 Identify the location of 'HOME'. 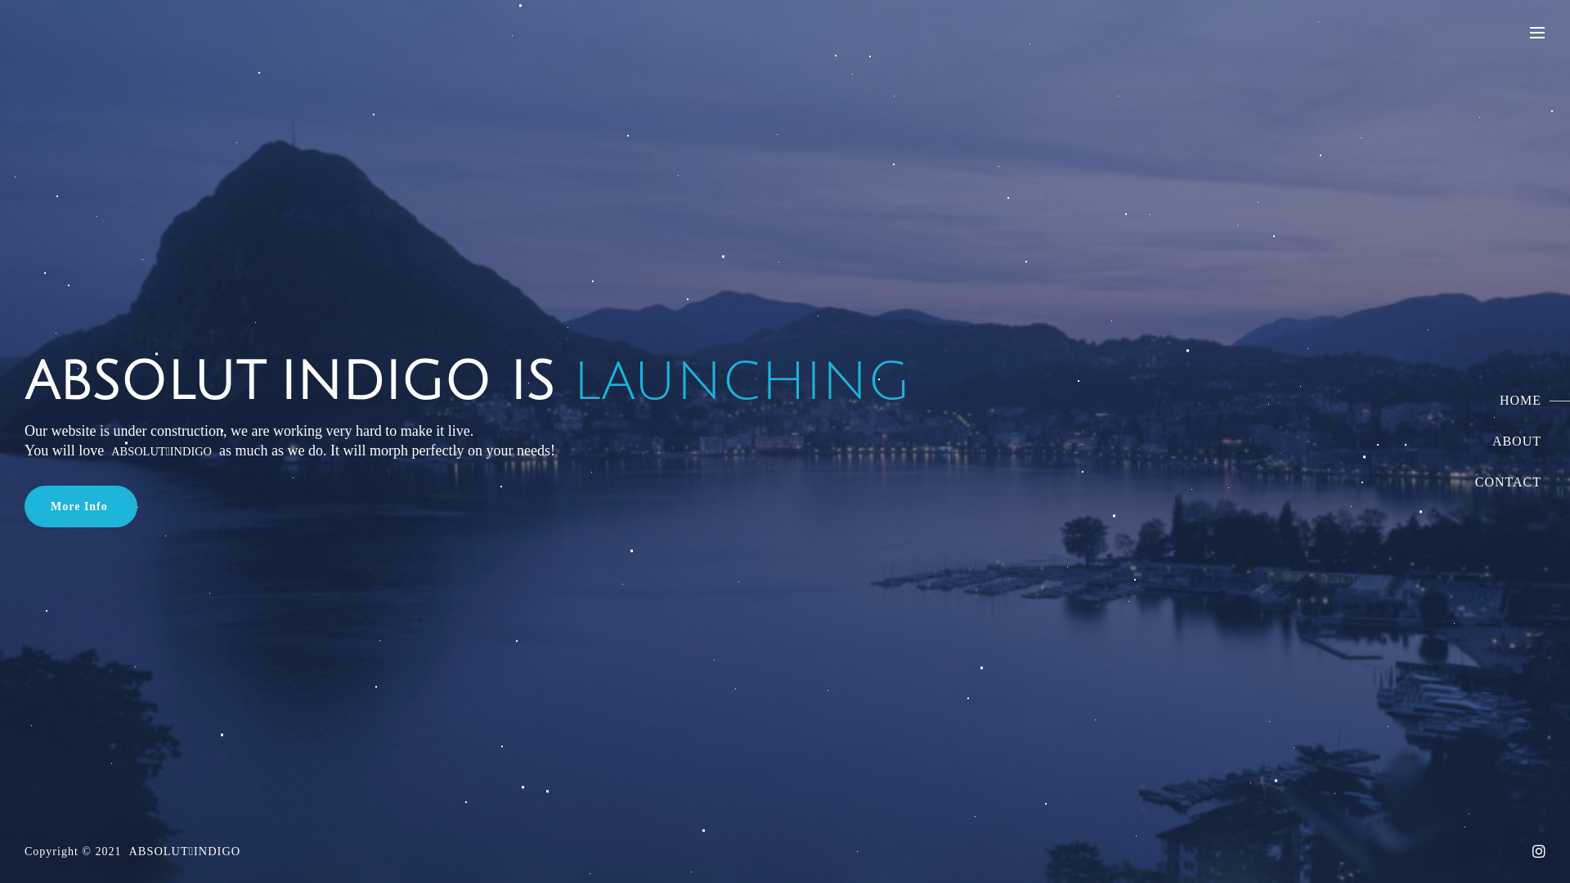
(1507, 400).